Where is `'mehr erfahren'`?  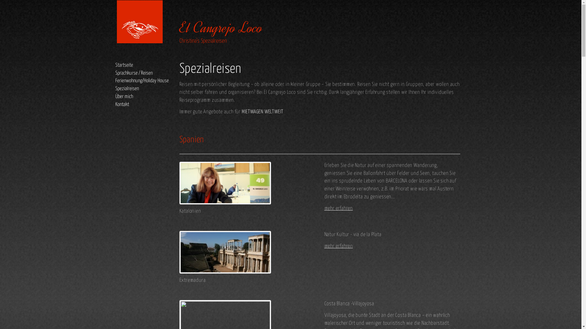 'mehr erfahren' is located at coordinates (338, 246).